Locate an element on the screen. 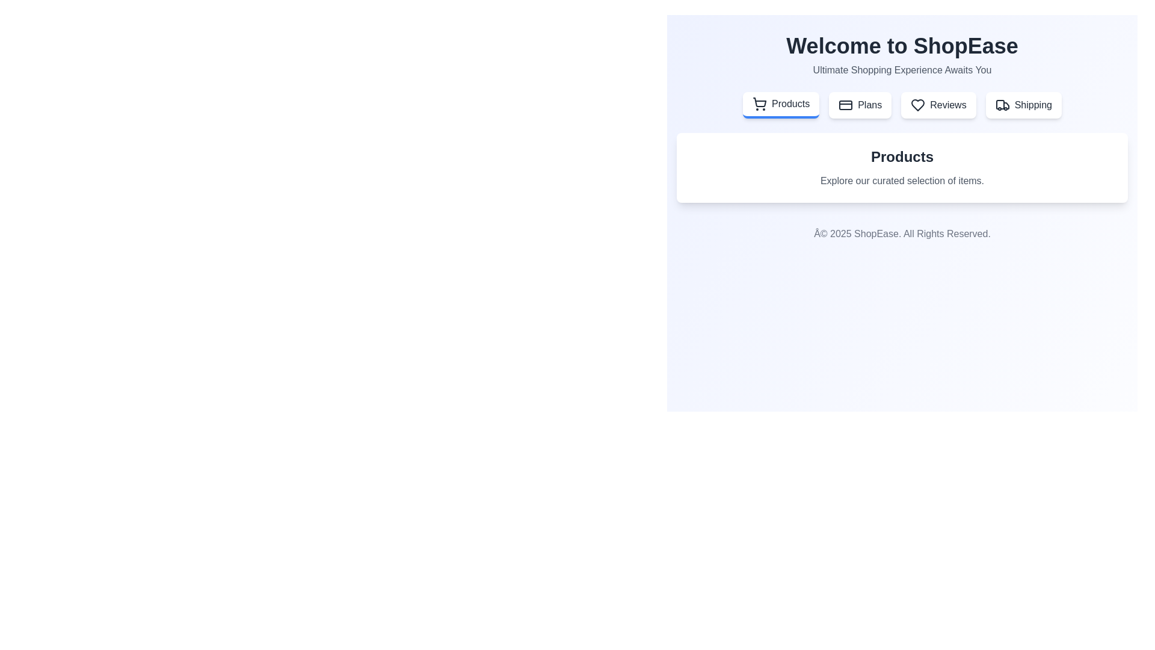 This screenshot has width=1155, height=650. the 'Reviews' button's clickable text label to apply styling effects is located at coordinates (947, 104).